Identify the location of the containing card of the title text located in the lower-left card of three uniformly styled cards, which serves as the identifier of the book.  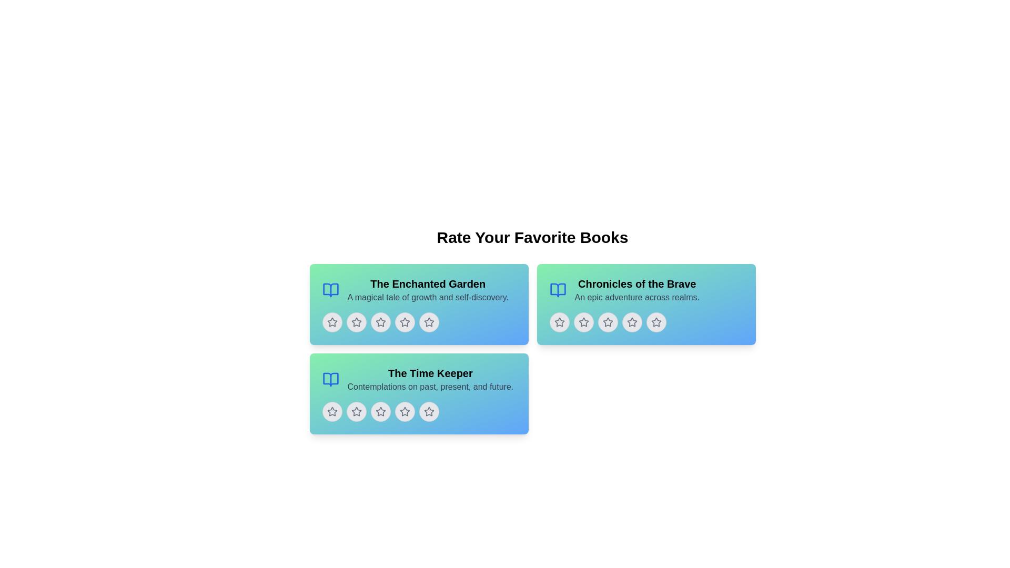
(430, 372).